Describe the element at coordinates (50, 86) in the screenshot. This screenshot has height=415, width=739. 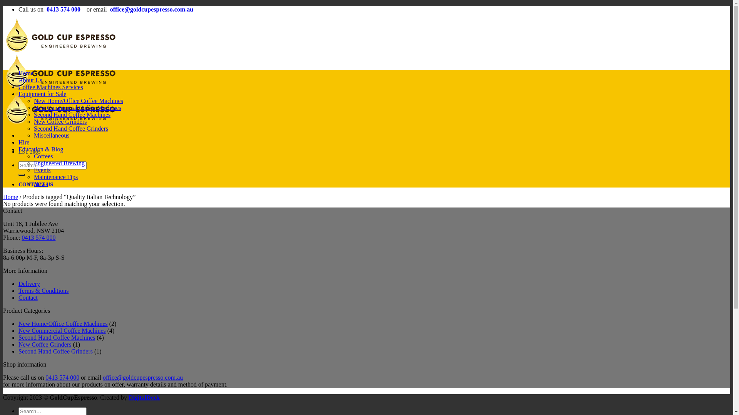
I see `'Coffee Machines Services'` at that location.